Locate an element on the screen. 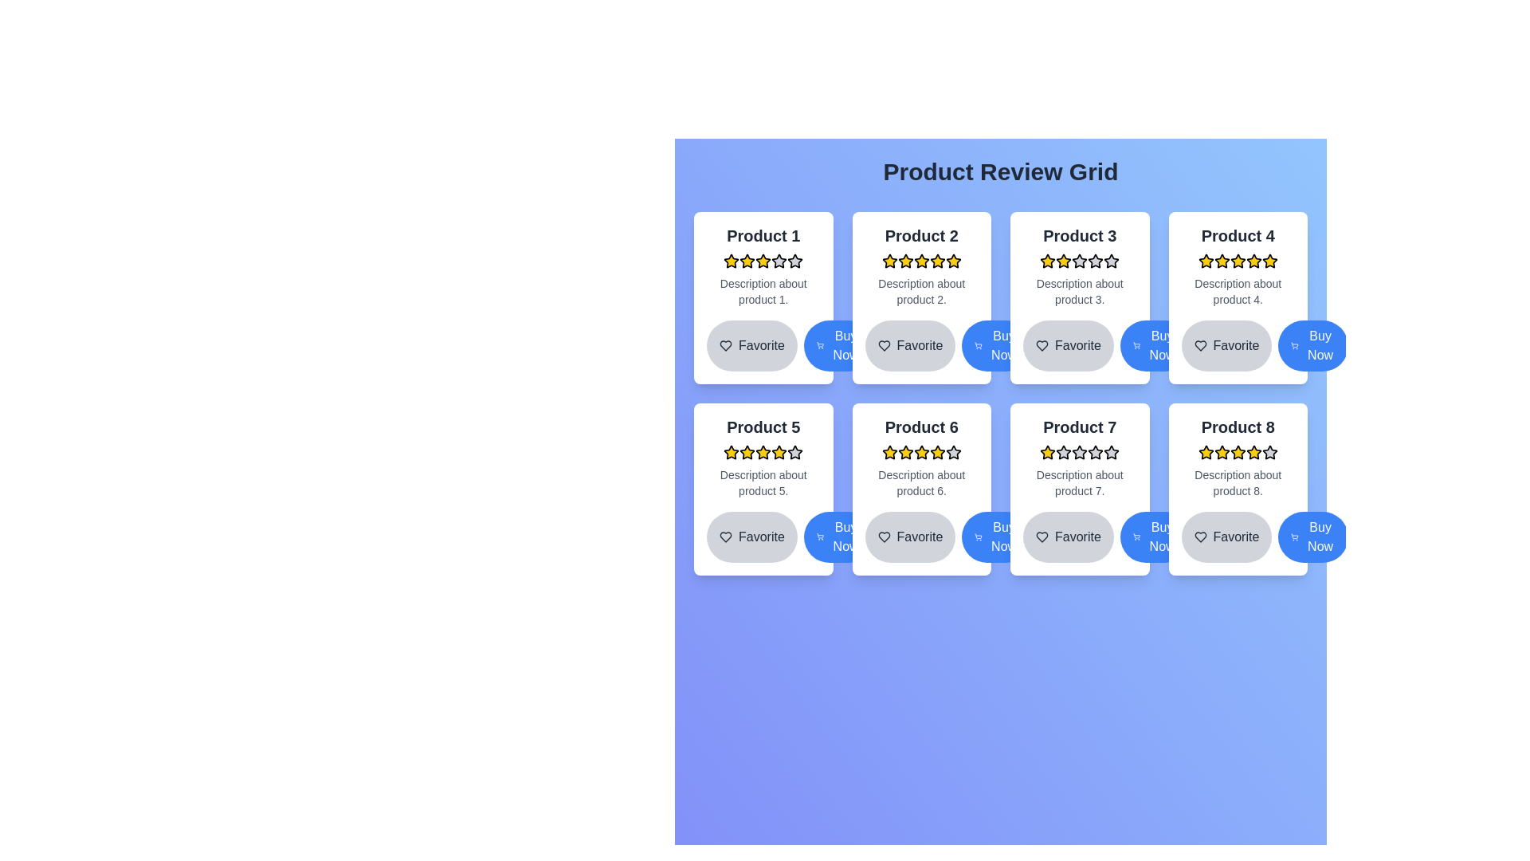 The height and width of the screenshot is (861, 1530). the Rating display component consisting of five stars, where four stars are yellow and one star is gray, located below 'Product 6' and above the description 'Description about product 6.' is located at coordinates (921, 452).